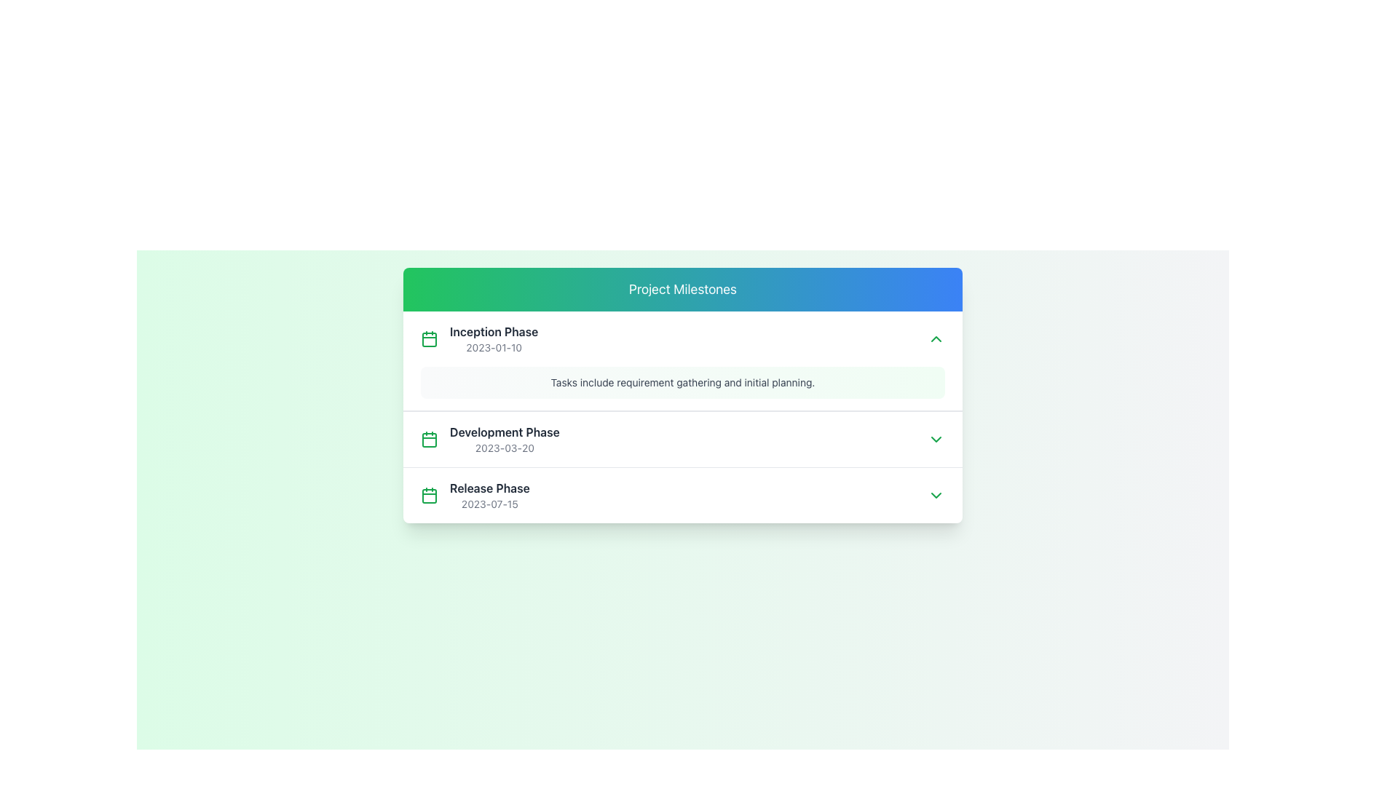  Describe the element at coordinates (429, 339) in the screenshot. I see `the green minimalistic calendar icon representing the milestone 'Inception Phase' located to the left of the details '2023-01-10'` at that location.